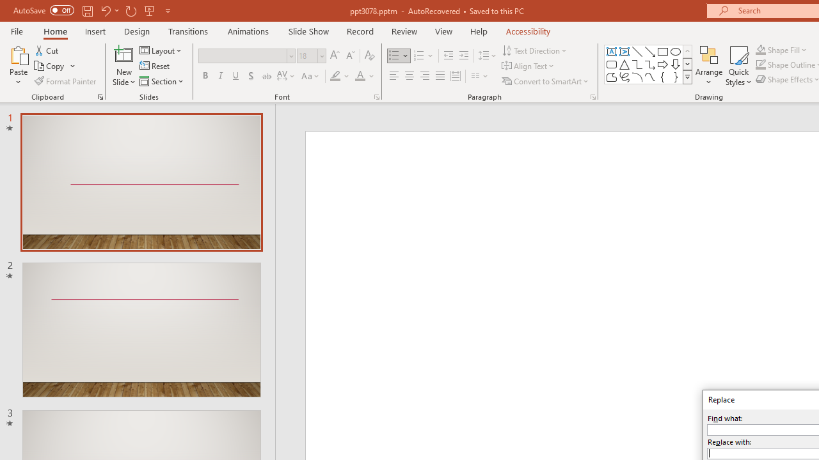 This screenshot has width=819, height=460. I want to click on 'Reset', so click(155, 66).